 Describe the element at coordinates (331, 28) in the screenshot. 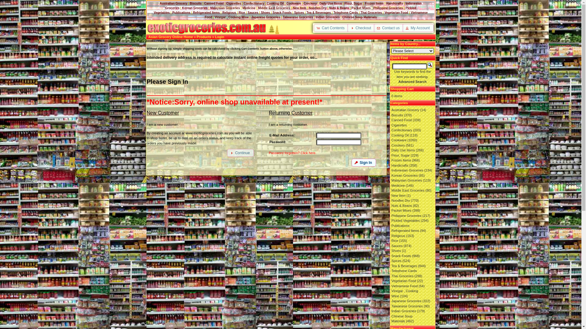

I see `'Cart Contents'` at that location.